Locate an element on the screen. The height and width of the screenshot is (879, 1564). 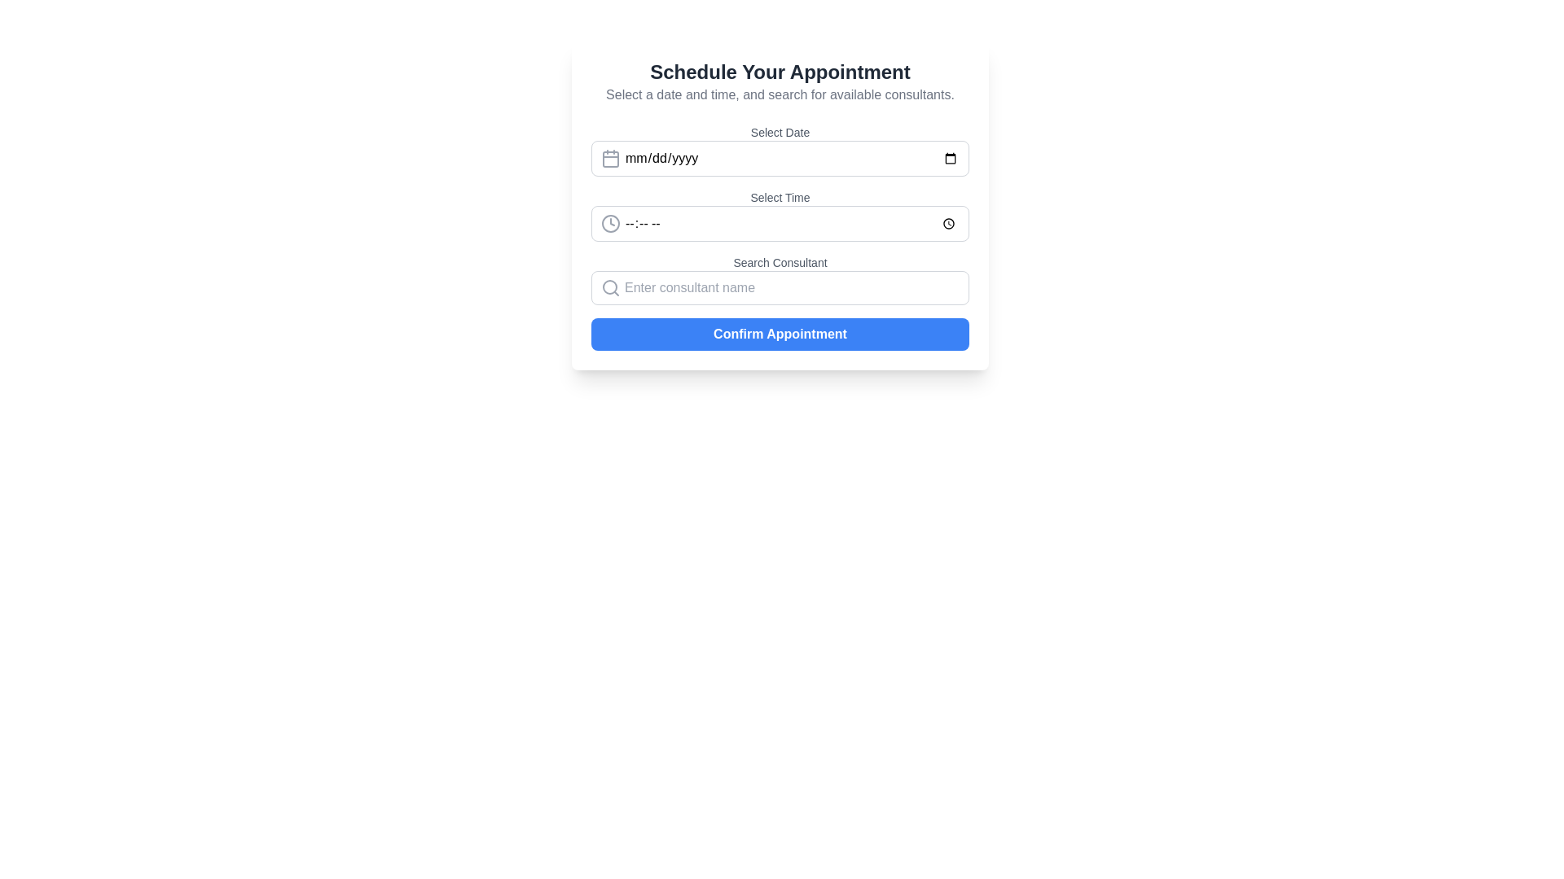
the heading 'Schedule Your Appointment', which is styled in bold and large font at the top of the section is located at coordinates (780, 71).